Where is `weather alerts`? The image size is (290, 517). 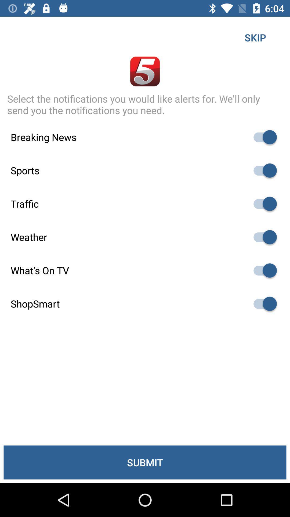
weather alerts is located at coordinates (262, 237).